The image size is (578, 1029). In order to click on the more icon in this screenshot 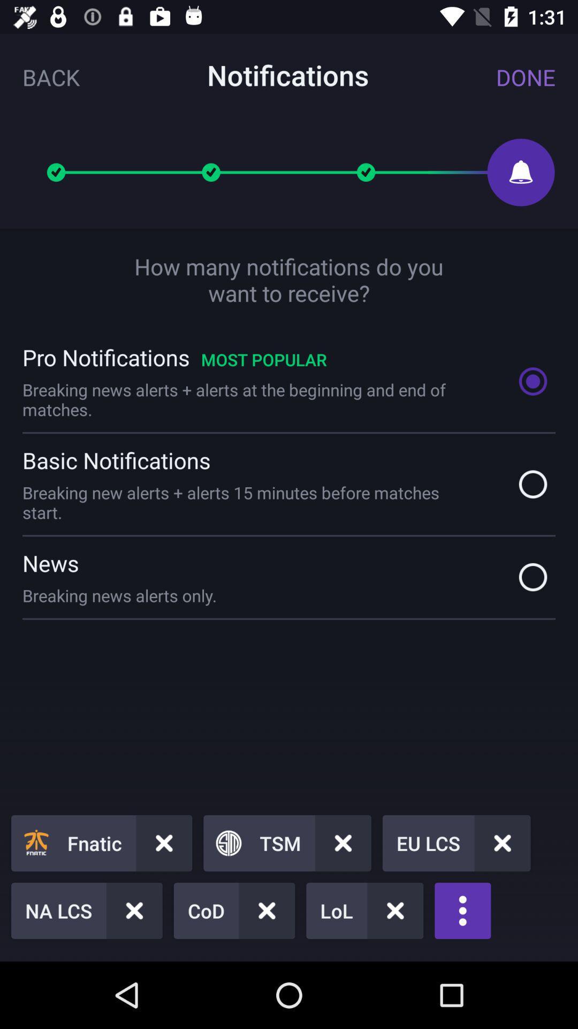, I will do `click(462, 910)`.